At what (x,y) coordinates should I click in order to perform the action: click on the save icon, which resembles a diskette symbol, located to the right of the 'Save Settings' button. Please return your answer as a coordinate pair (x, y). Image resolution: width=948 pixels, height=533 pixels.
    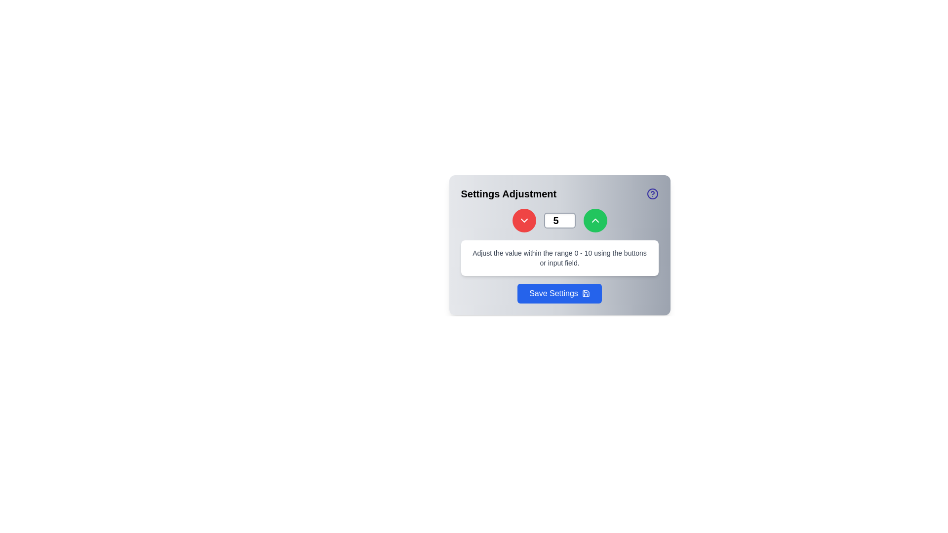
    Looking at the image, I should click on (586, 293).